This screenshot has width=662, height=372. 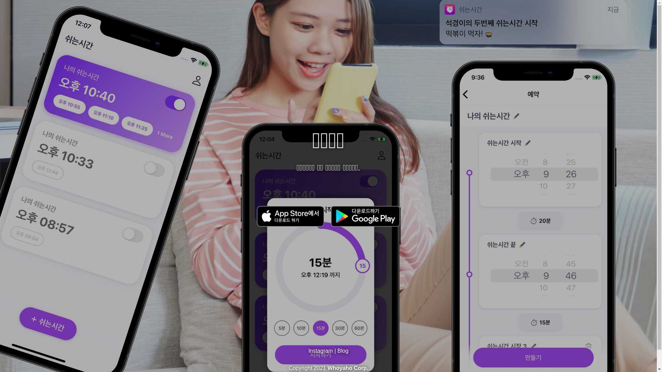 What do you see at coordinates (343, 351) in the screenshot?
I see `'Blog'` at bounding box center [343, 351].